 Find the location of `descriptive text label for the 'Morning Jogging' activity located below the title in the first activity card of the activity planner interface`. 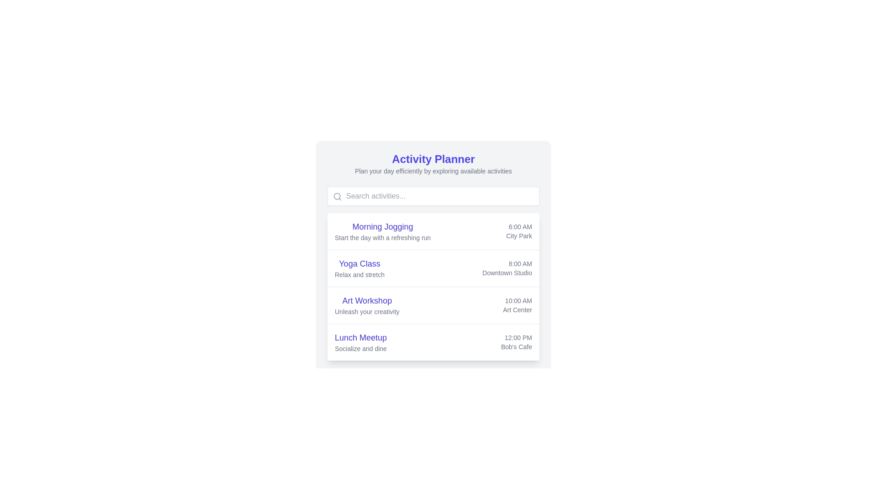

descriptive text label for the 'Morning Jogging' activity located below the title in the first activity card of the activity planner interface is located at coordinates (383, 237).